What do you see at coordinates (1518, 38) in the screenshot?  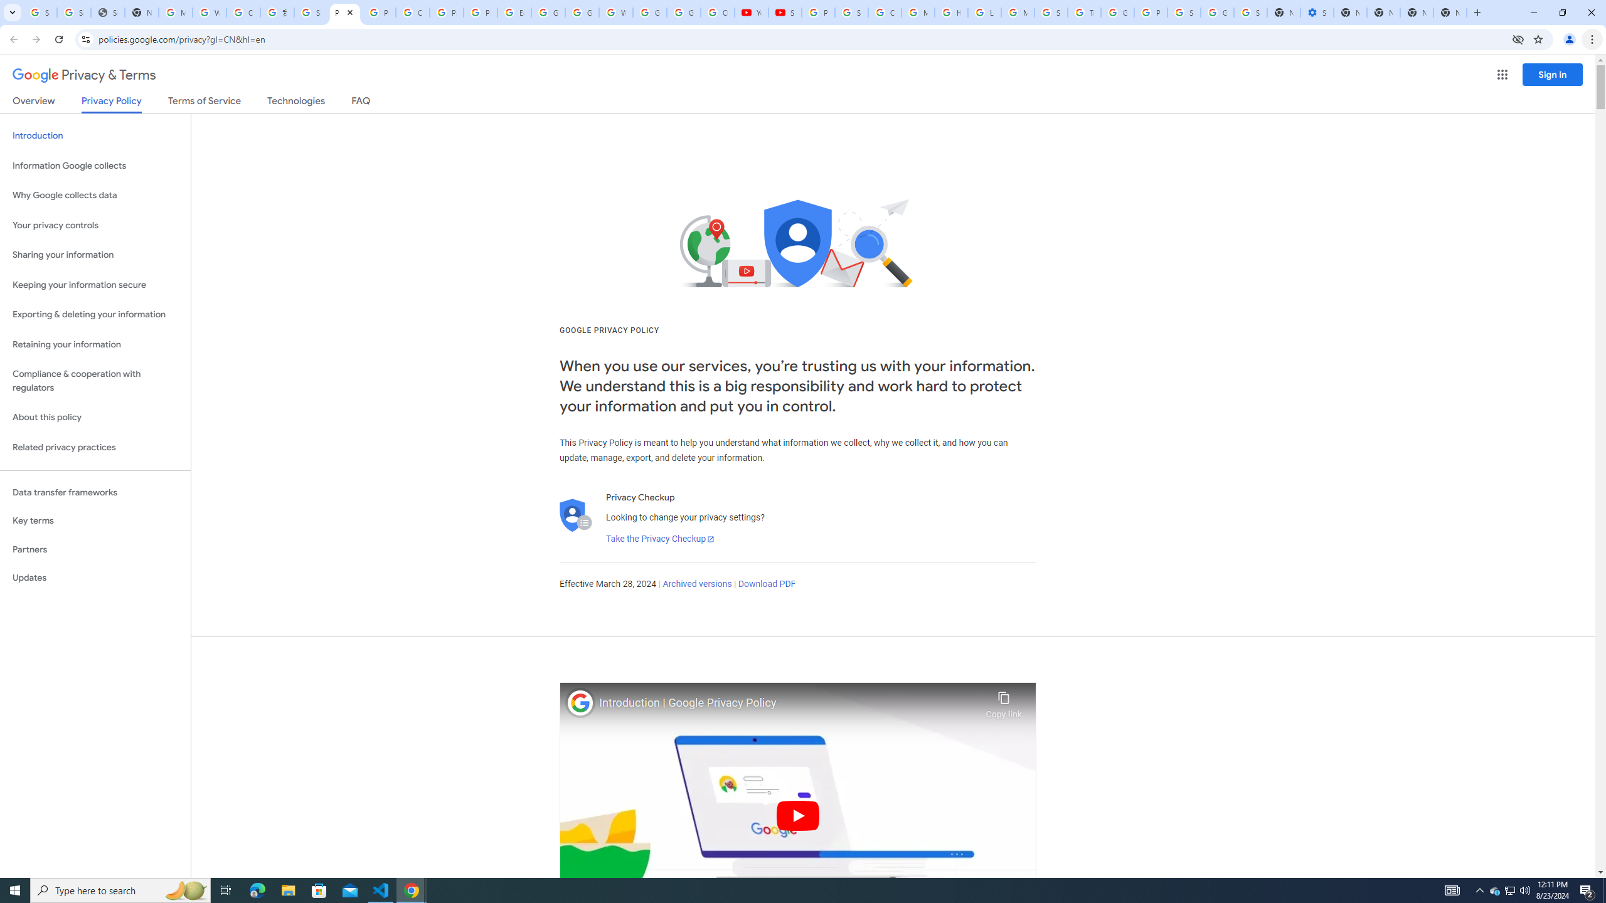 I see `'Third-party cookies blocked'` at bounding box center [1518, 38].